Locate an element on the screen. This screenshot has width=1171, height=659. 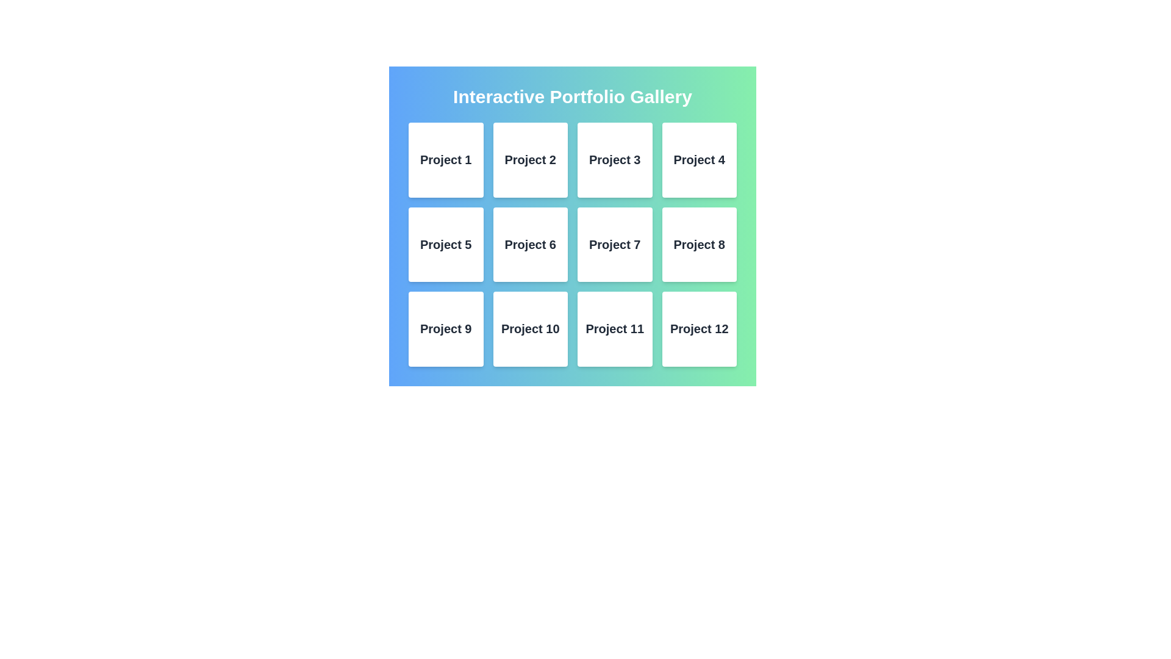
the seventh project card in the grid is located at coordinates (615, 244).